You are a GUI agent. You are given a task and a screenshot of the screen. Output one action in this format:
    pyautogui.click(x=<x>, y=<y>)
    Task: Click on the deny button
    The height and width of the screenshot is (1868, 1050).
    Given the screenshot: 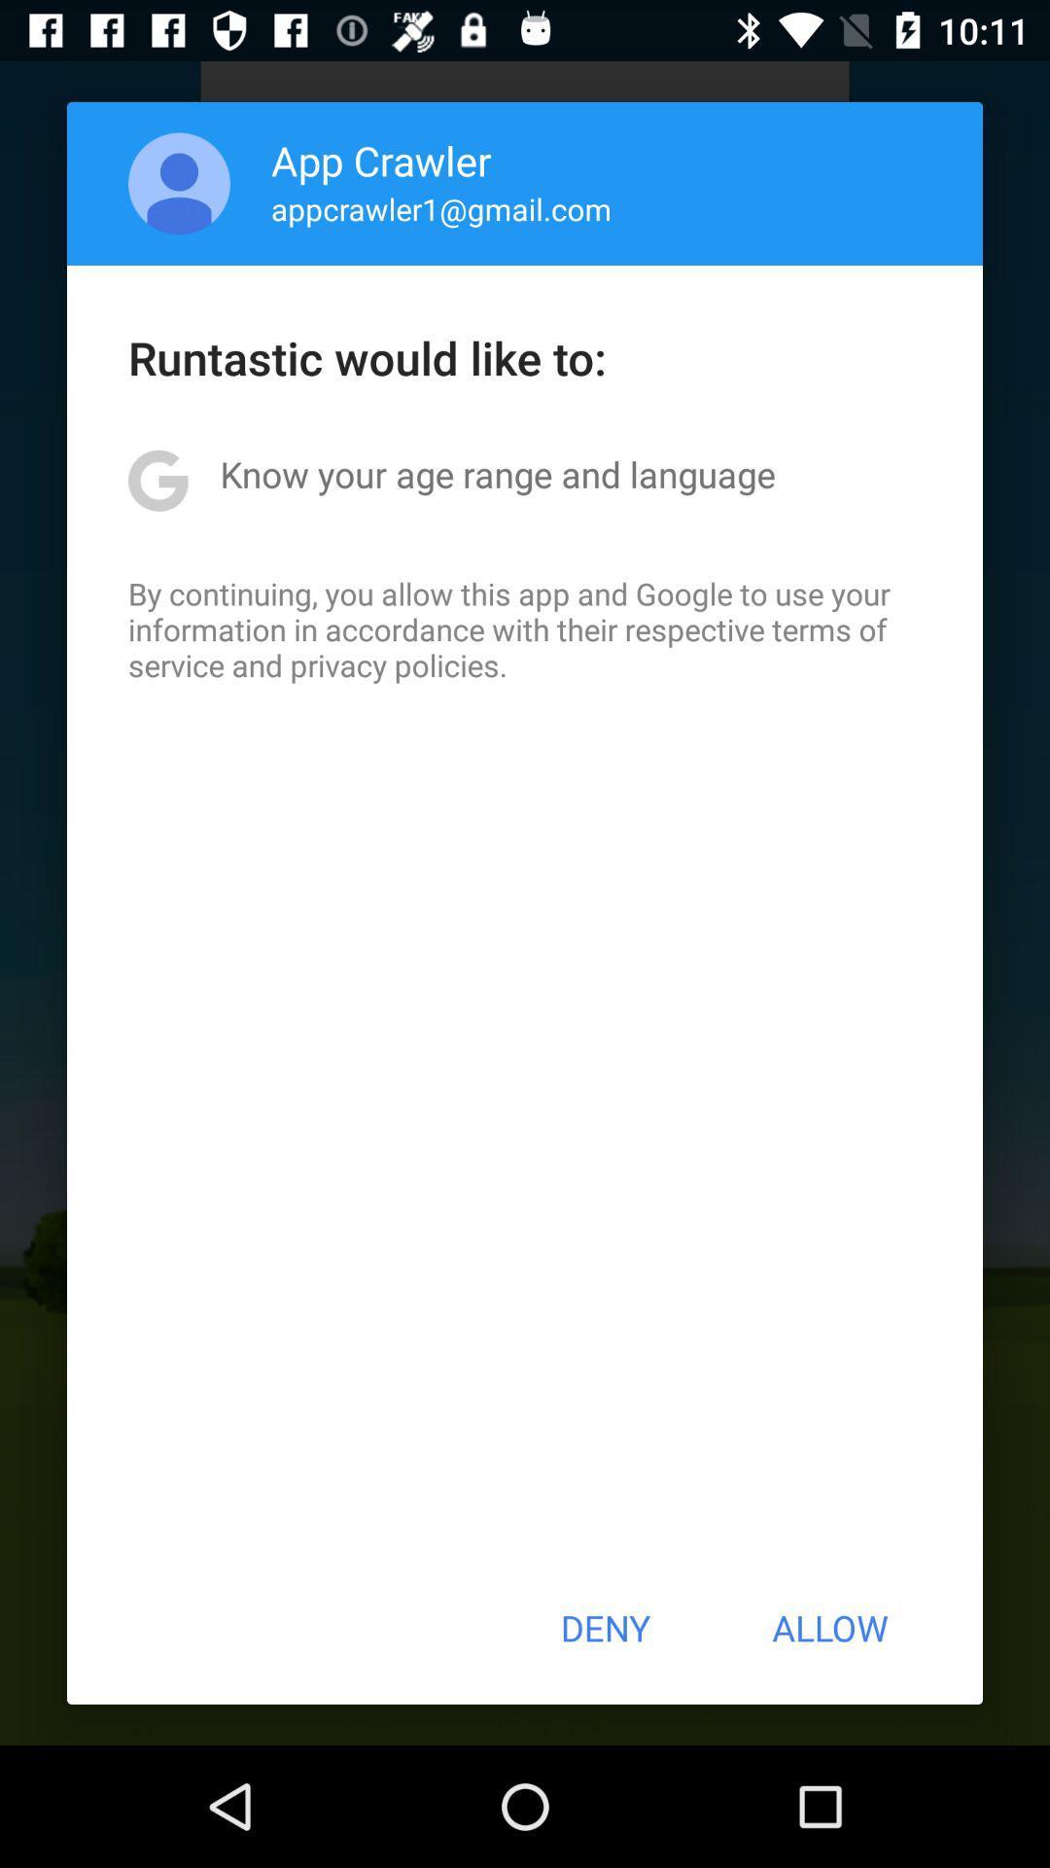 What is the action you would take?
    pyautogui.click(x=604, y=1628)
    